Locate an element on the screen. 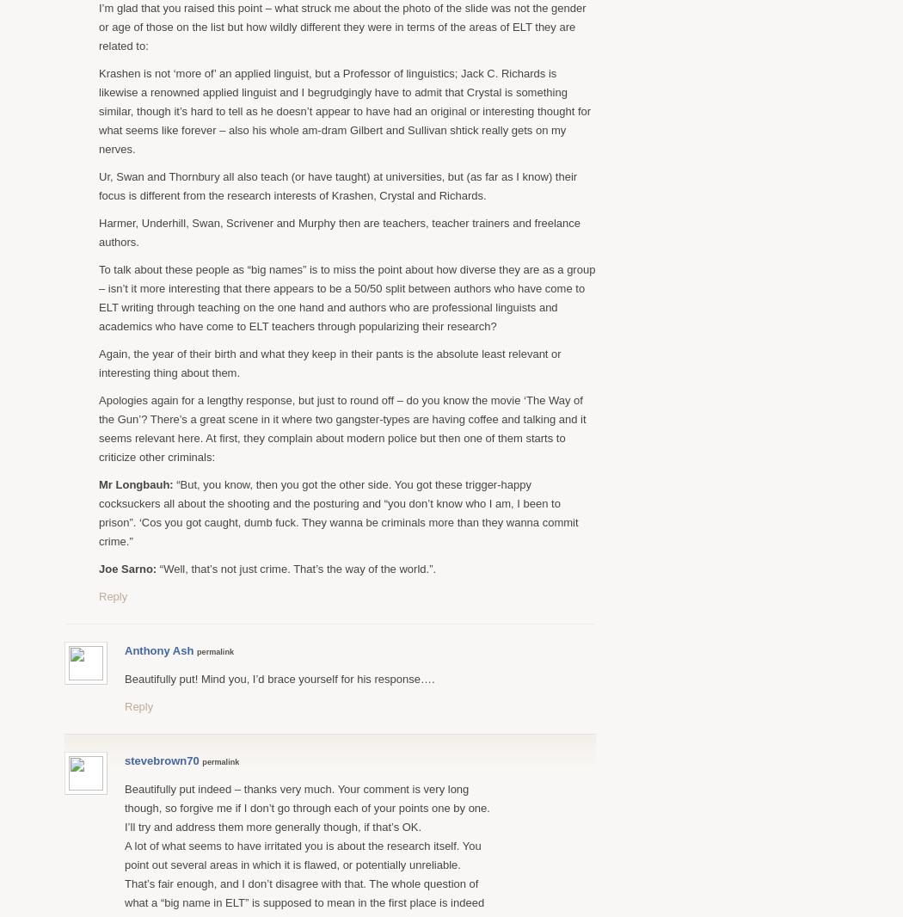 Image resolution: width=903 pixels, height=917 pixels. 'Beautifully put! Mind you, I’d brace yourself for his response….' is located at coordinates (279, 677).